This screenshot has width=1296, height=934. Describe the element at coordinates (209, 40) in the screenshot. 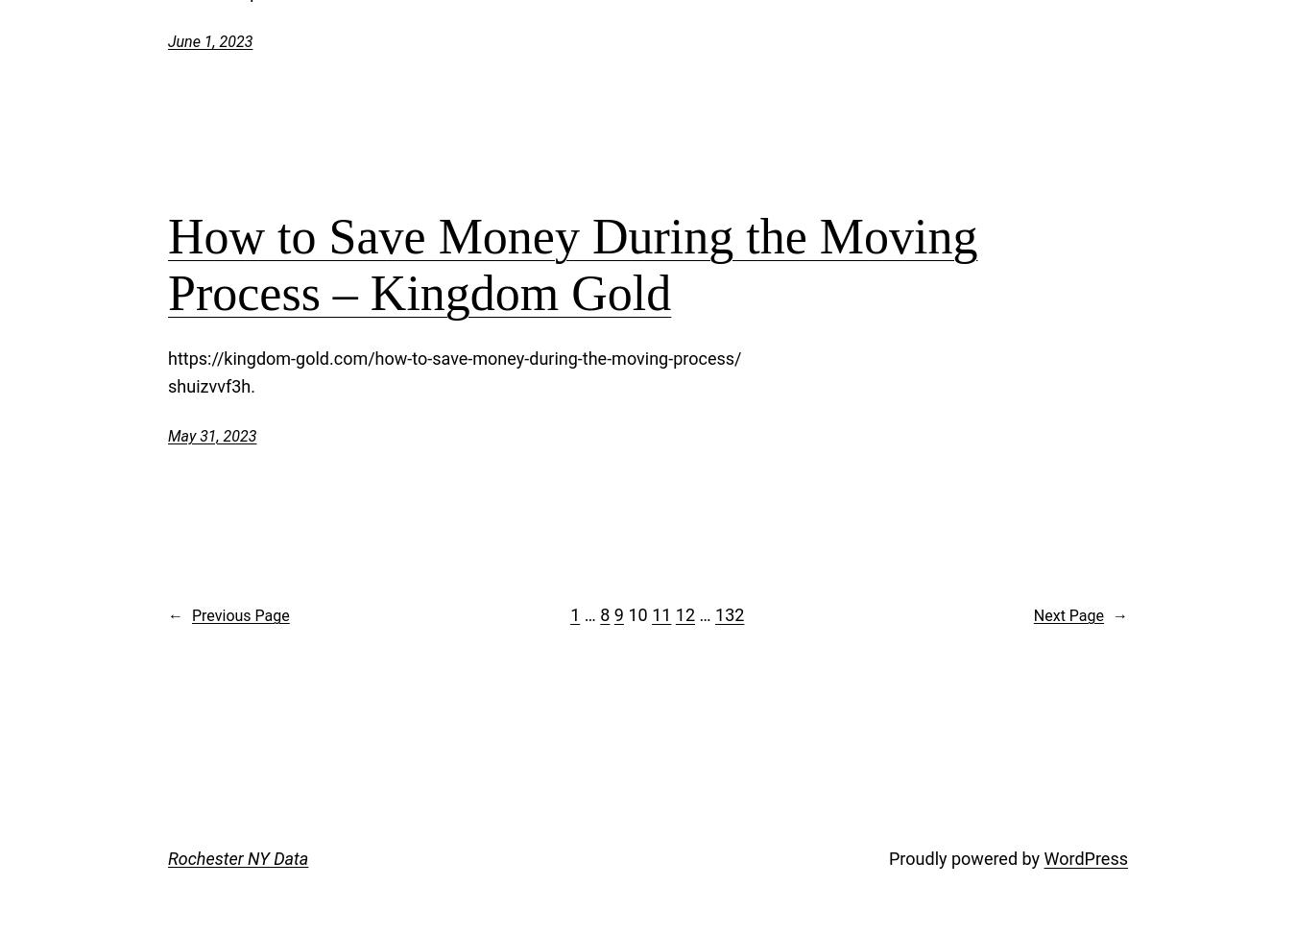

I see `'June 1, 2023'` at that location.